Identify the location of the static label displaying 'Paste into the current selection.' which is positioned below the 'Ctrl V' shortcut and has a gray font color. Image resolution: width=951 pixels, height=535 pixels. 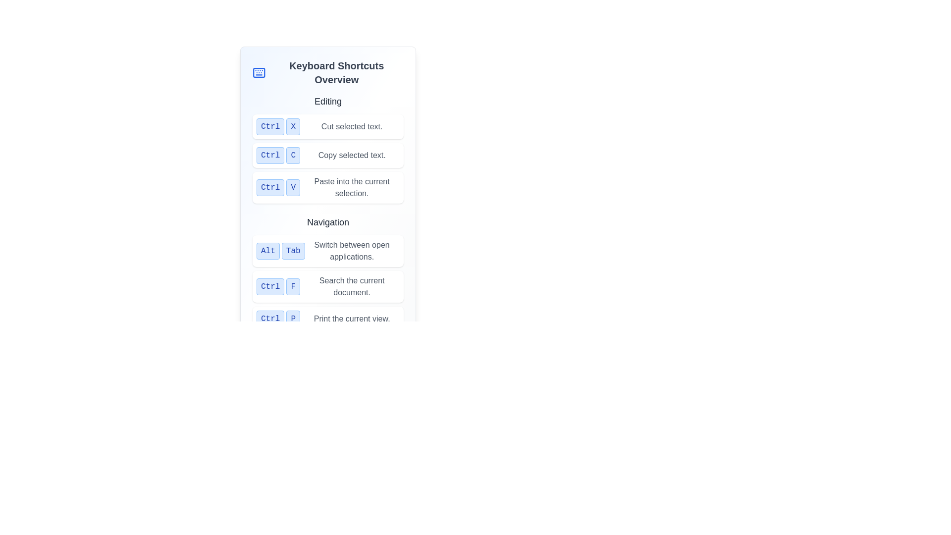
(352, 187).